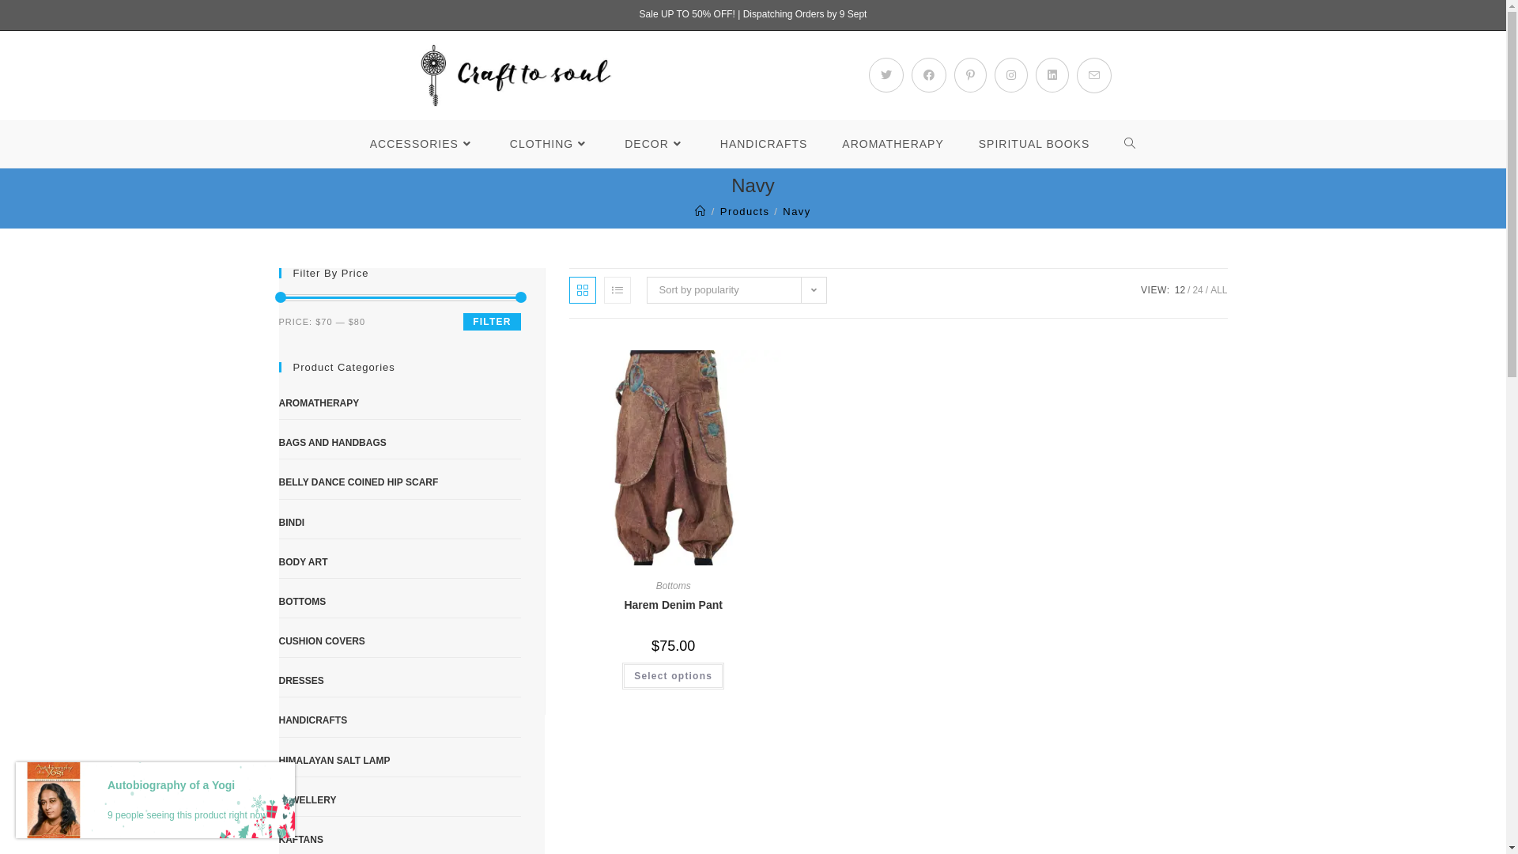 This screenshot has height=854, width=1518. I want to click on 'ALL', so click(1218, 289).